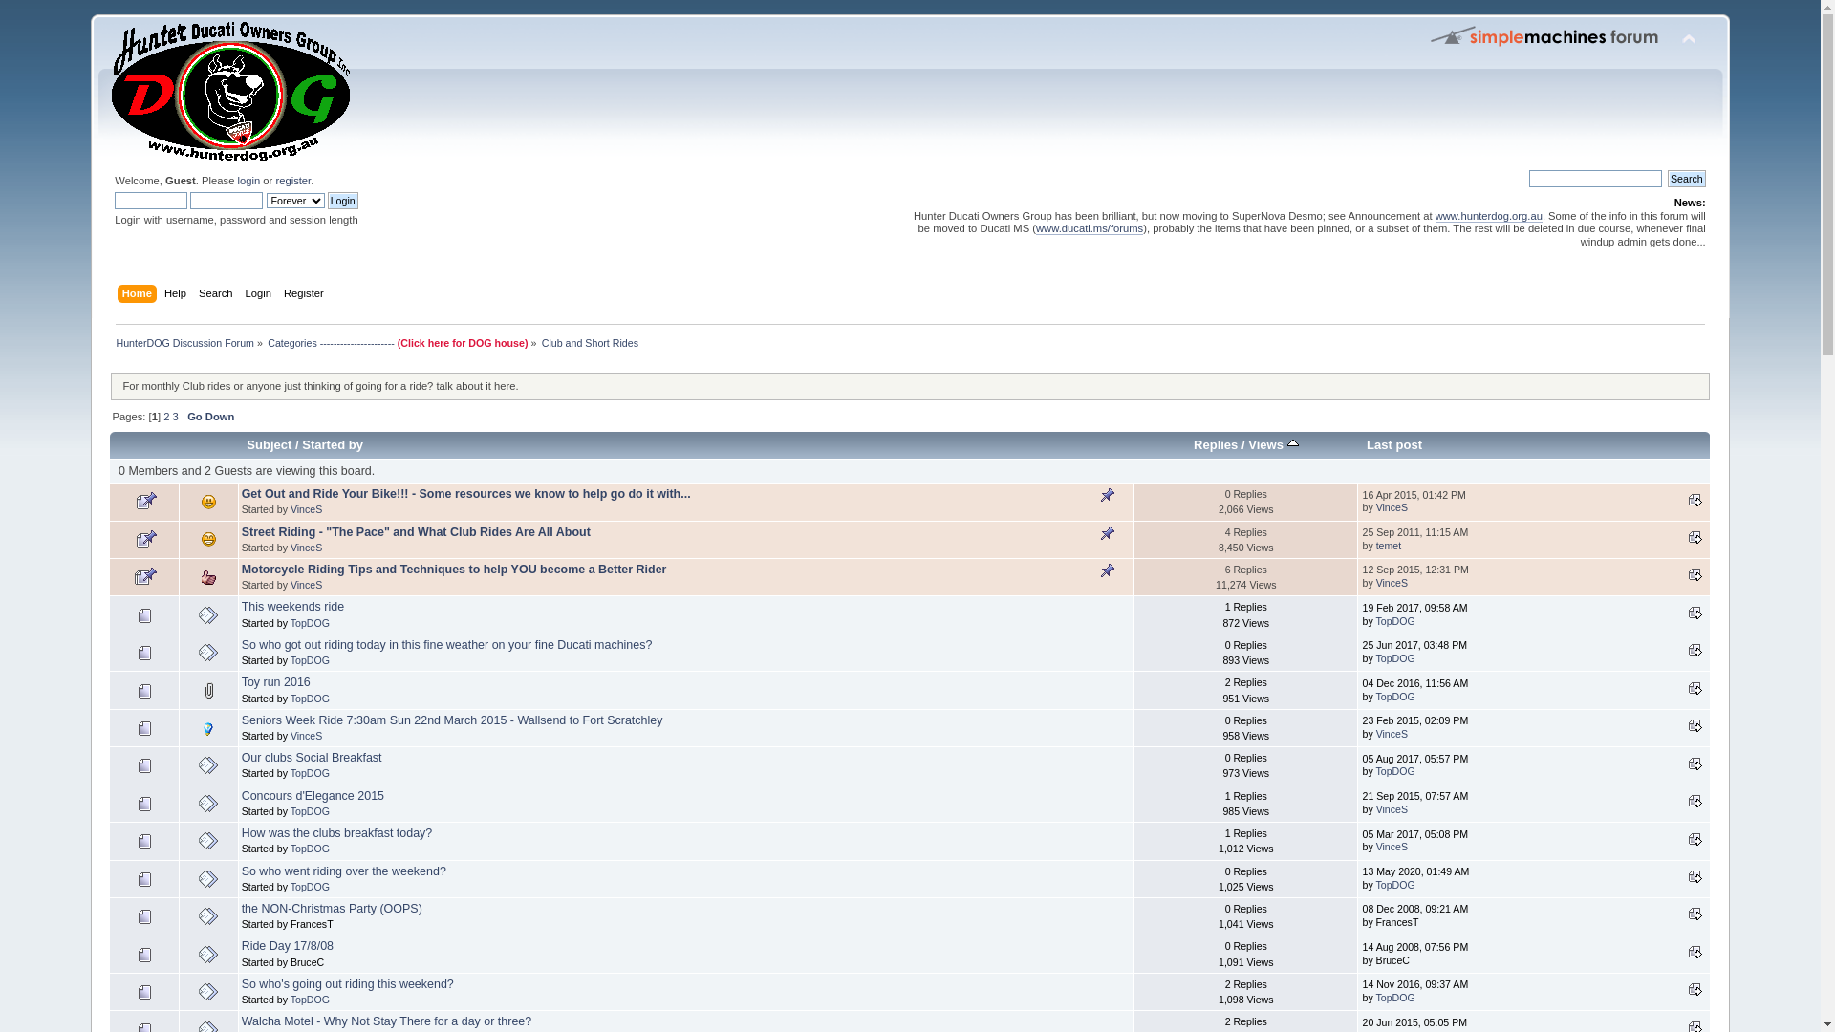 Image resolution: width=1835 pixels, height=1032 pixels. Describe the element at coordinates (415, 531) in the screenshot. I see `'Street Riding - "The Pace" and What Club Rides Are All About'` at that location.